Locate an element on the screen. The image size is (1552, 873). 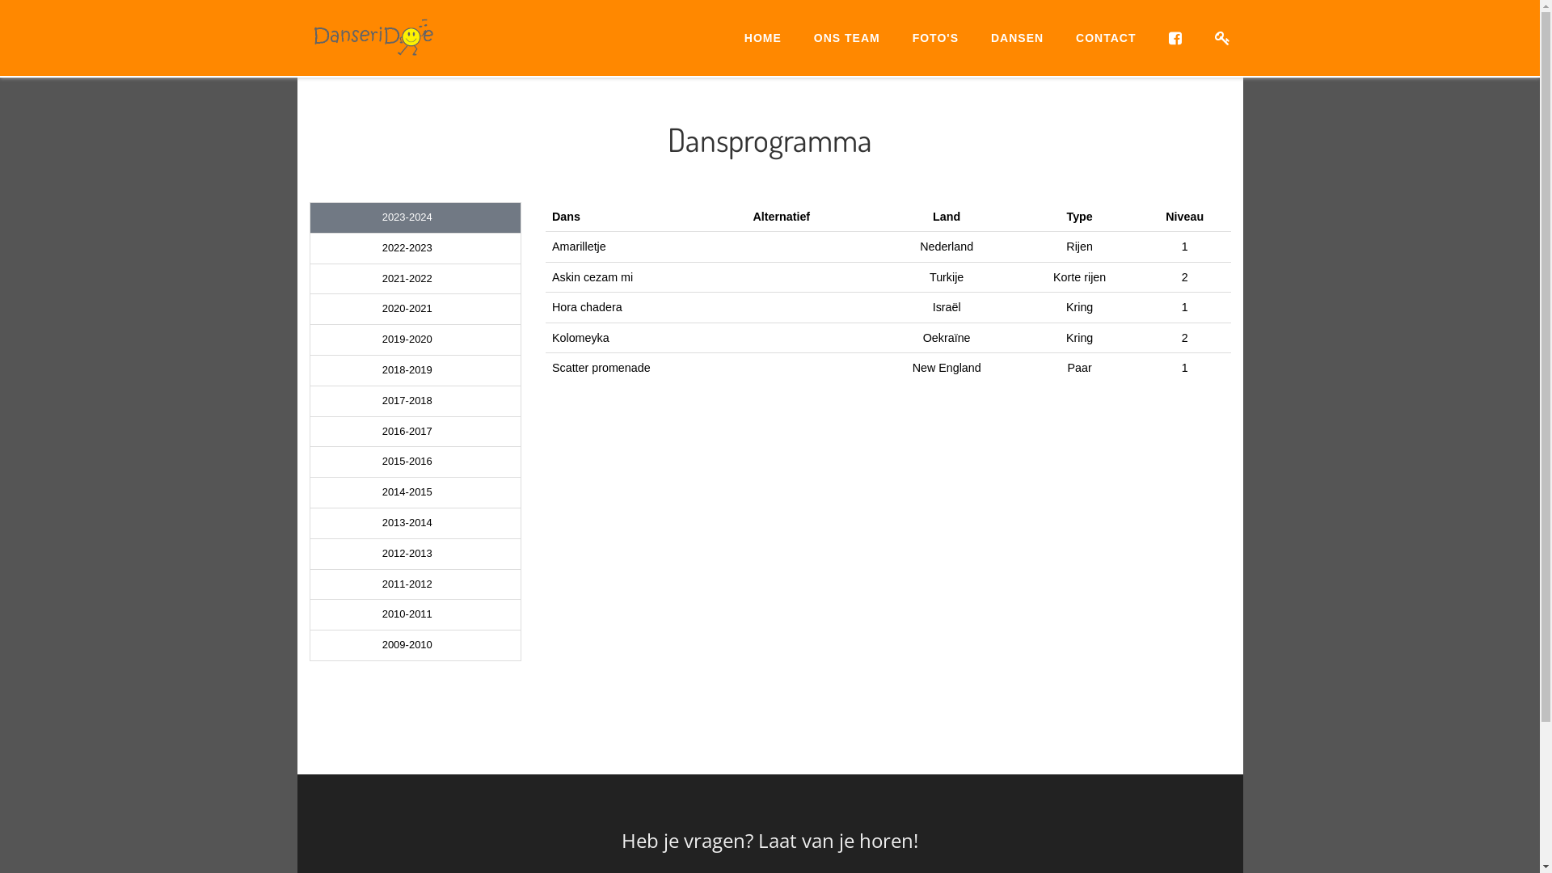
'DANSEN' is located at coordinates (1016, 36).